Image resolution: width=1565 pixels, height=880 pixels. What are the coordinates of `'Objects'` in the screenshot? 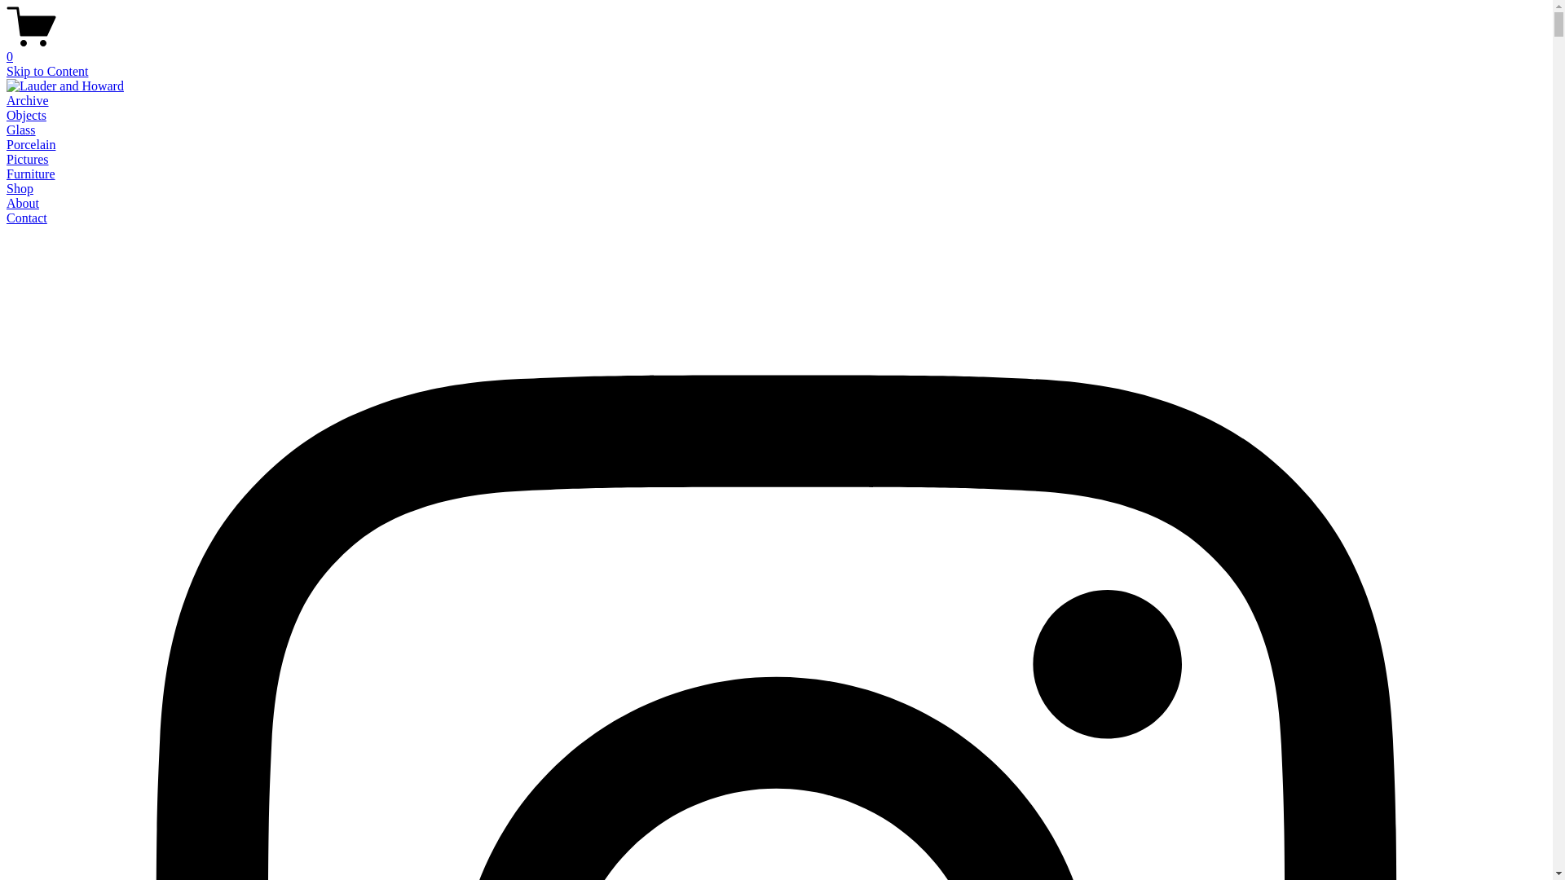 It's located at (26, 114).